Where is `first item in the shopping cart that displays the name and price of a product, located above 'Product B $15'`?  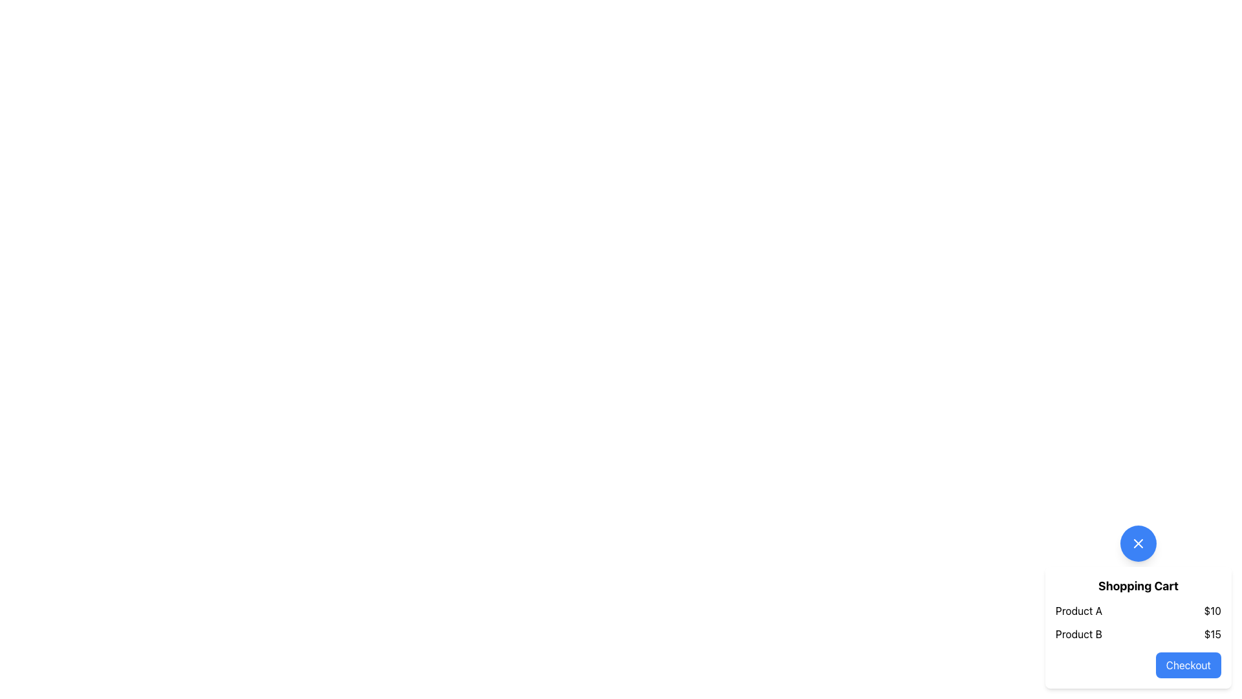 first item in the shopping cart that displays the name and price of a product, located above 'Product B $15' is located at coordinates (1138, 611).